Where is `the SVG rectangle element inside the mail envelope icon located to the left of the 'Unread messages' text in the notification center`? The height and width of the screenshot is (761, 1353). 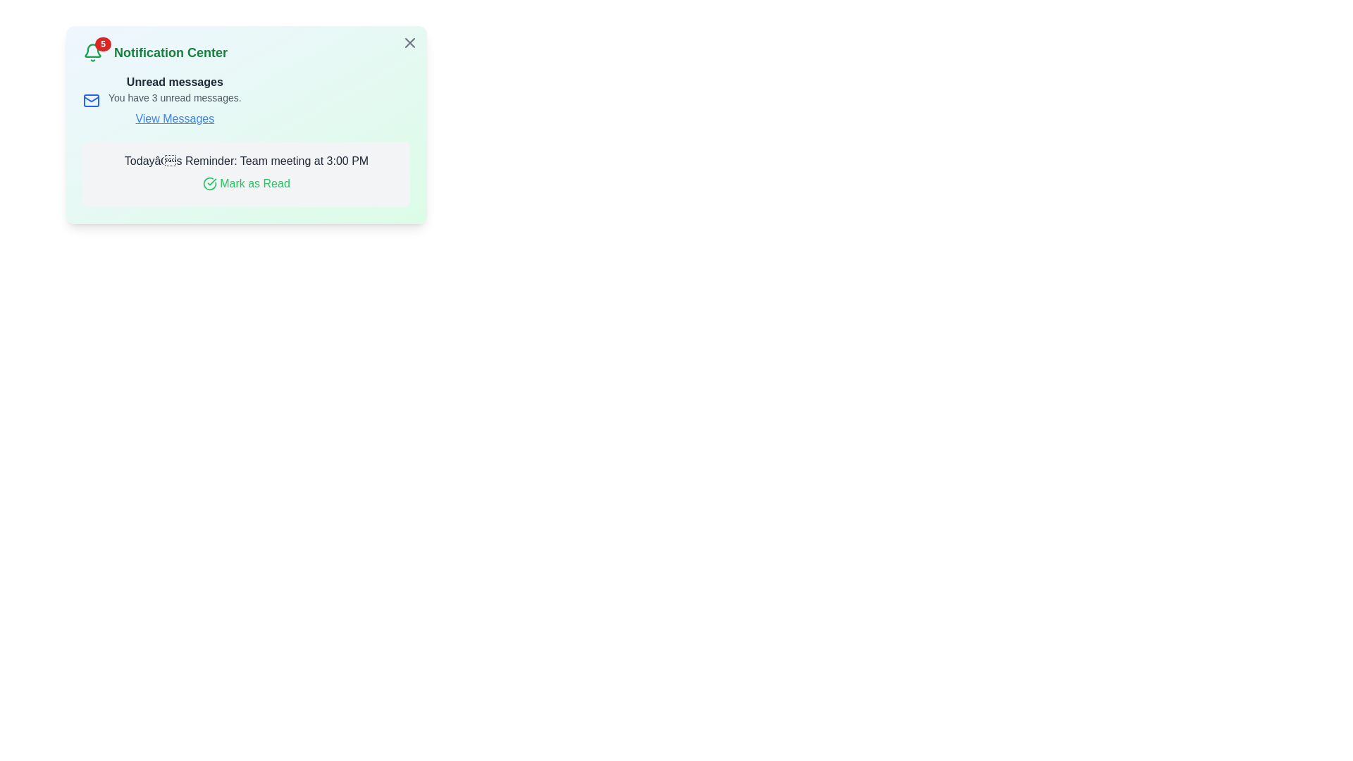
the SVG rectangle element inside the mail envelope icon located to the left of the 'Unread messages' text in the notification center is located at coordinates (90, 99).